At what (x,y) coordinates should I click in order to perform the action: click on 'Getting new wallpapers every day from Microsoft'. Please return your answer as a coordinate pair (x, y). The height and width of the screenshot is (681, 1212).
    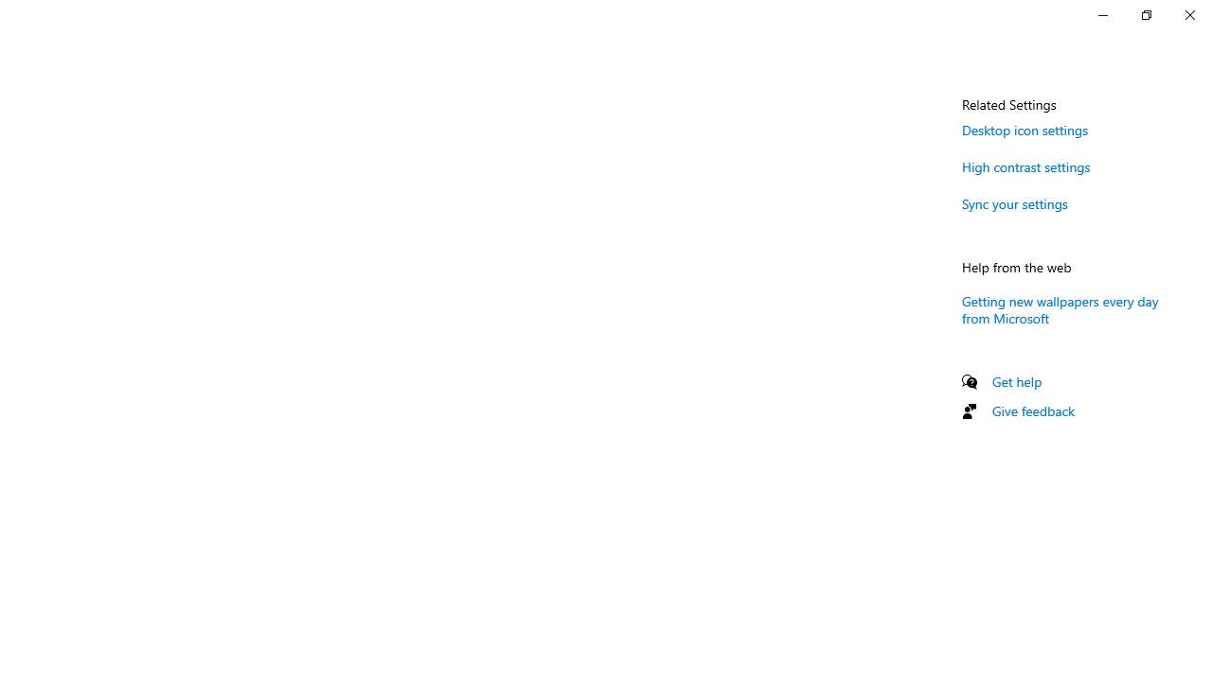
    Looking at the image, I should click on (1060, 308).